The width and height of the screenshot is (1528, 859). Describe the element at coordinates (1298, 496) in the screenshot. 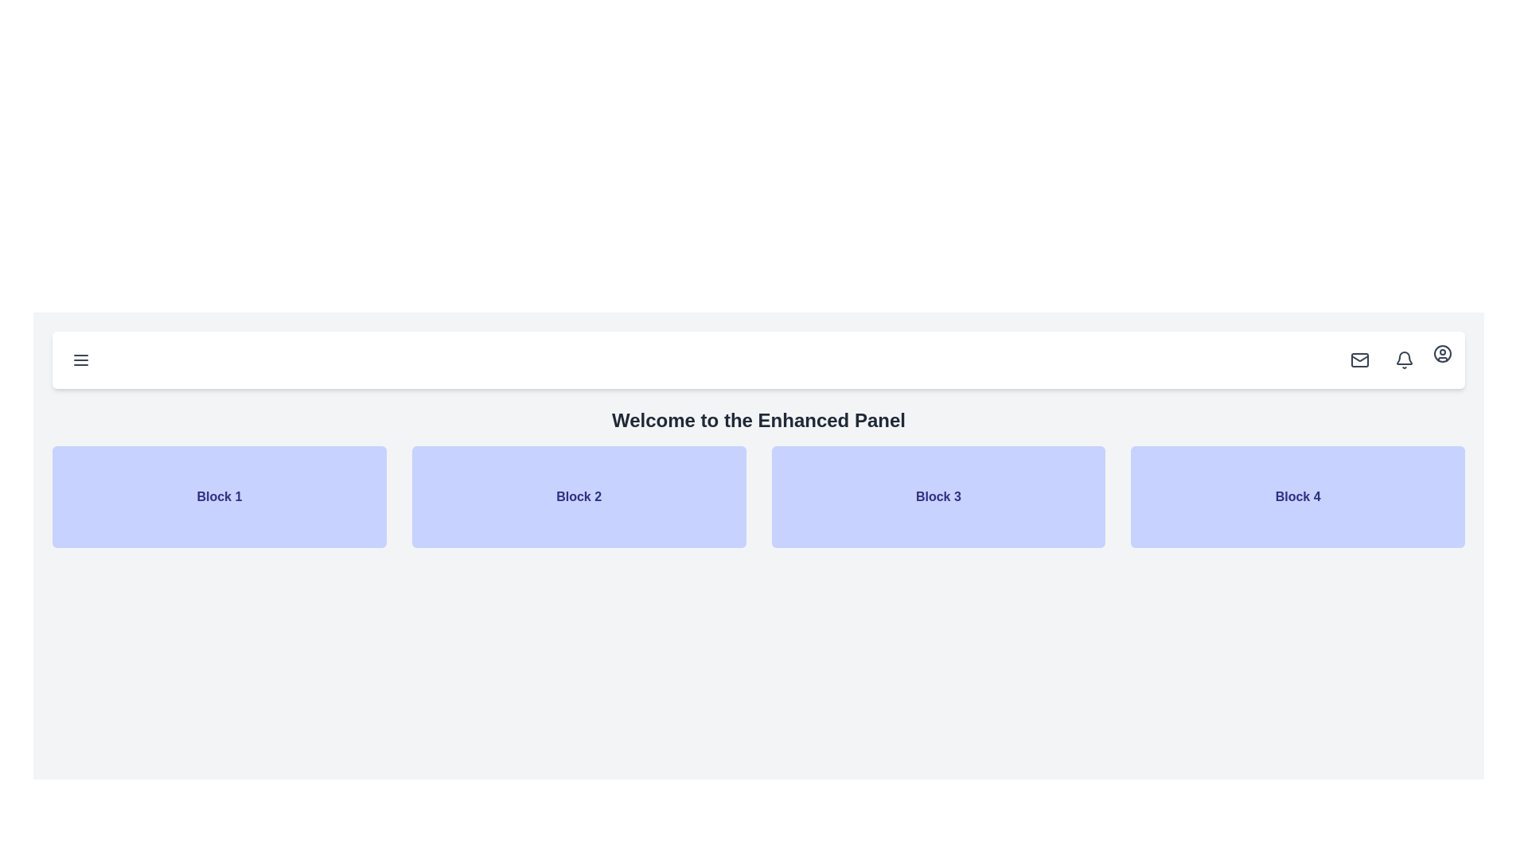

I see `the fourth block in the bottom-right area of the main content section, which serves as an informational or navigational block` at that location.